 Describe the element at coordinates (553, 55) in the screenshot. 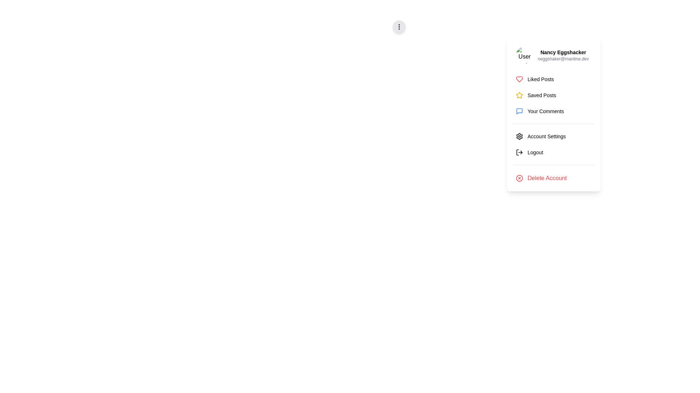

I see `the Profile Info Display element containing the user's name 'Nancy Eggshacker' and email 'neggshaker@mantine.dev', located at the top-right corner of the dropdown menu` at that location.